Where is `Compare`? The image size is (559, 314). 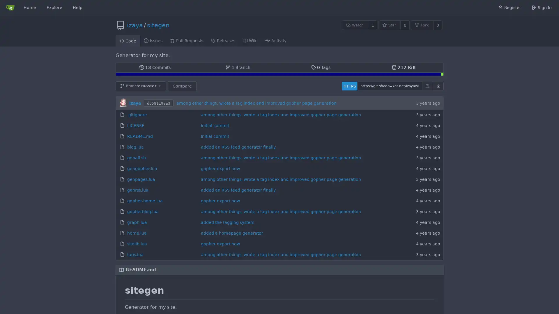
Compare is located at coordinates (181, 86).